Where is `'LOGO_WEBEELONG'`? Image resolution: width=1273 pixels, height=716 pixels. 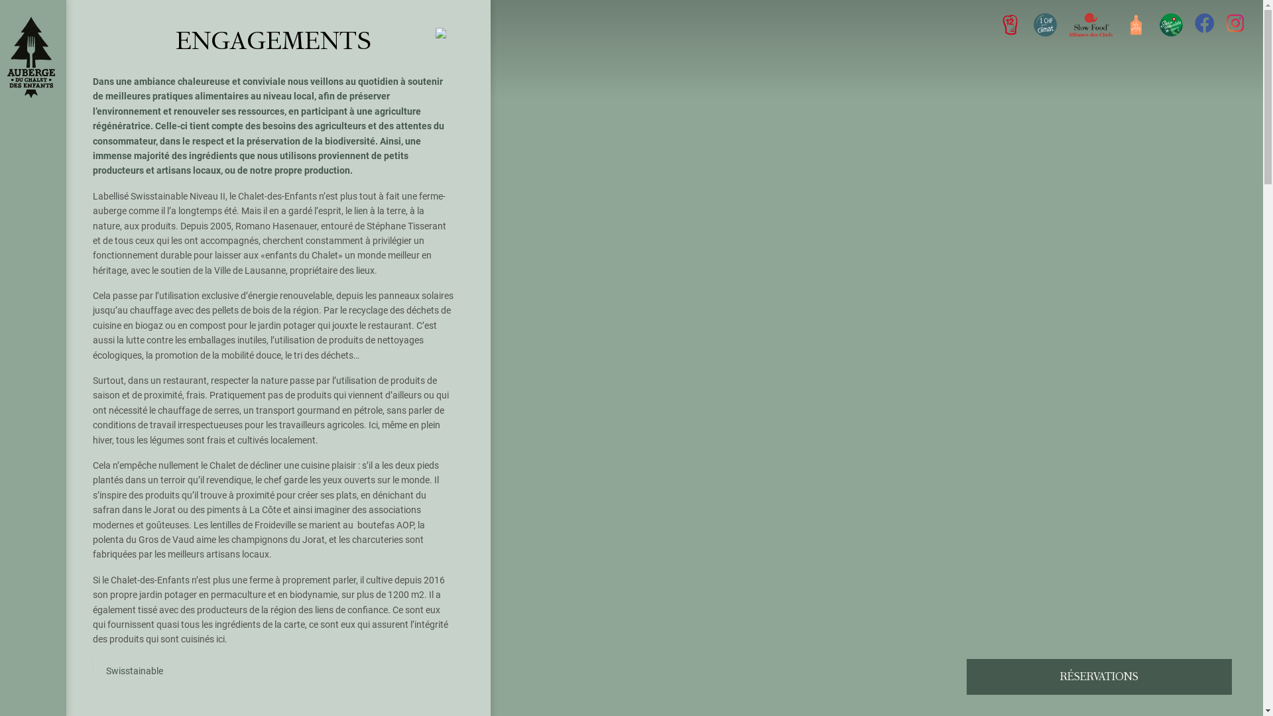
'LOGO_WEBEELONG' is located at coordinates (1044, 25).